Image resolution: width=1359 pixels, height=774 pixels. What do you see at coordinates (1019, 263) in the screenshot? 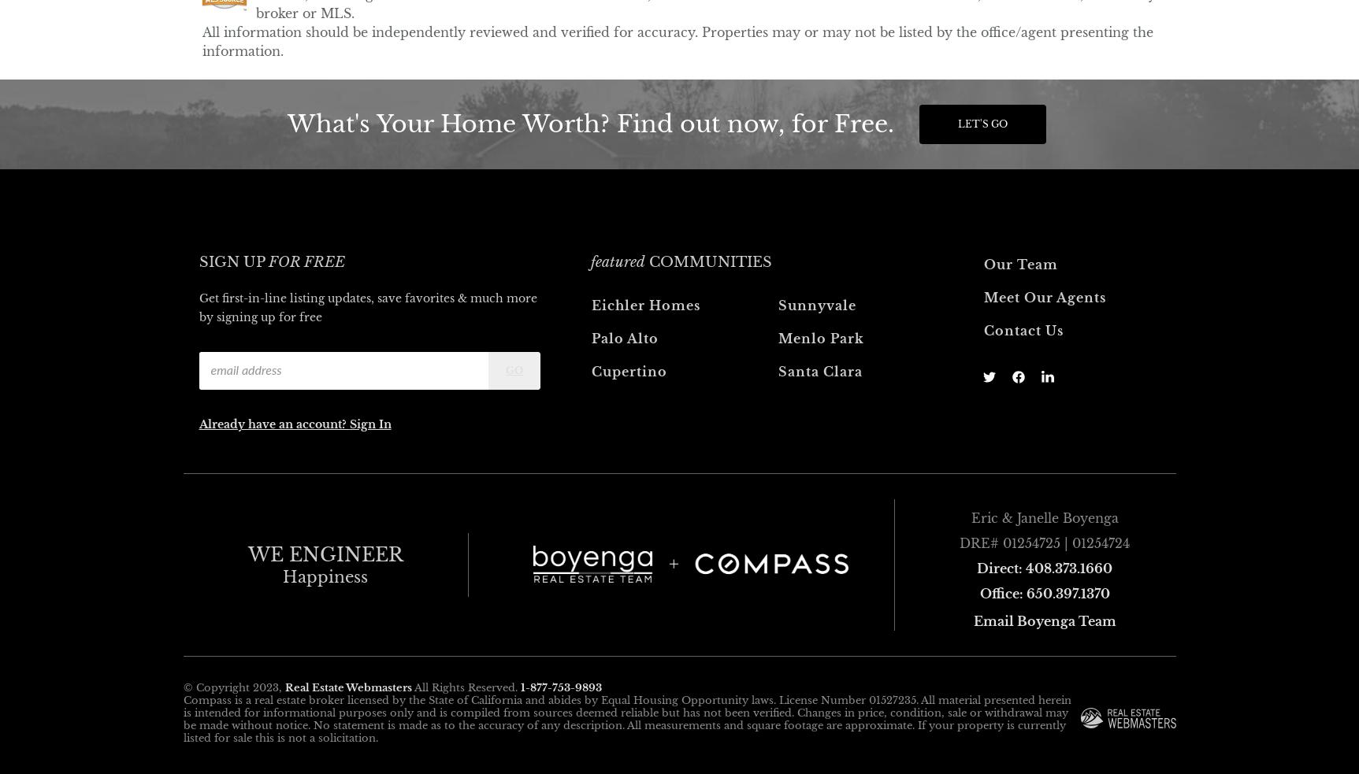
I see `'Our Team'` at bounding box center [1019, 263].